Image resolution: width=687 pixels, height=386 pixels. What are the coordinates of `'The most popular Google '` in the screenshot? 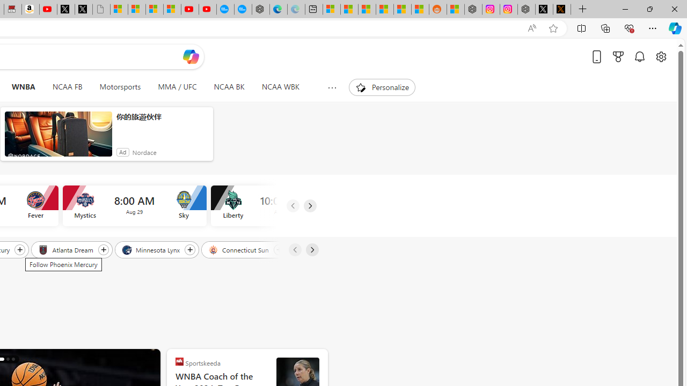 It's located at (242, 9).